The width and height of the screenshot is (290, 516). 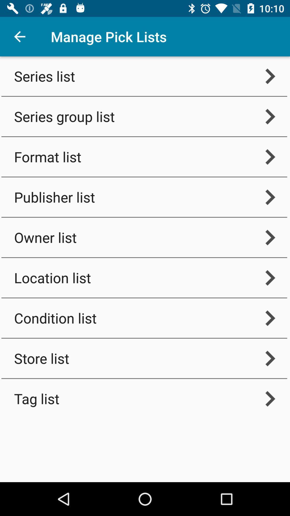 I want to click on the icon next to the manage pick lists, so click(x=19, y=36).